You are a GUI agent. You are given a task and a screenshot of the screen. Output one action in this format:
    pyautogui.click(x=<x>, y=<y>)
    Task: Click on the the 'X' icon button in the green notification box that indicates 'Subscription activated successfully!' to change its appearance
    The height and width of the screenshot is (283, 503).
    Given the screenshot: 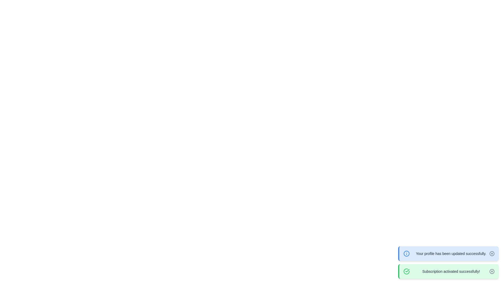 What is the action you would take?
    pyautogui.click(x=491, y=271)
    